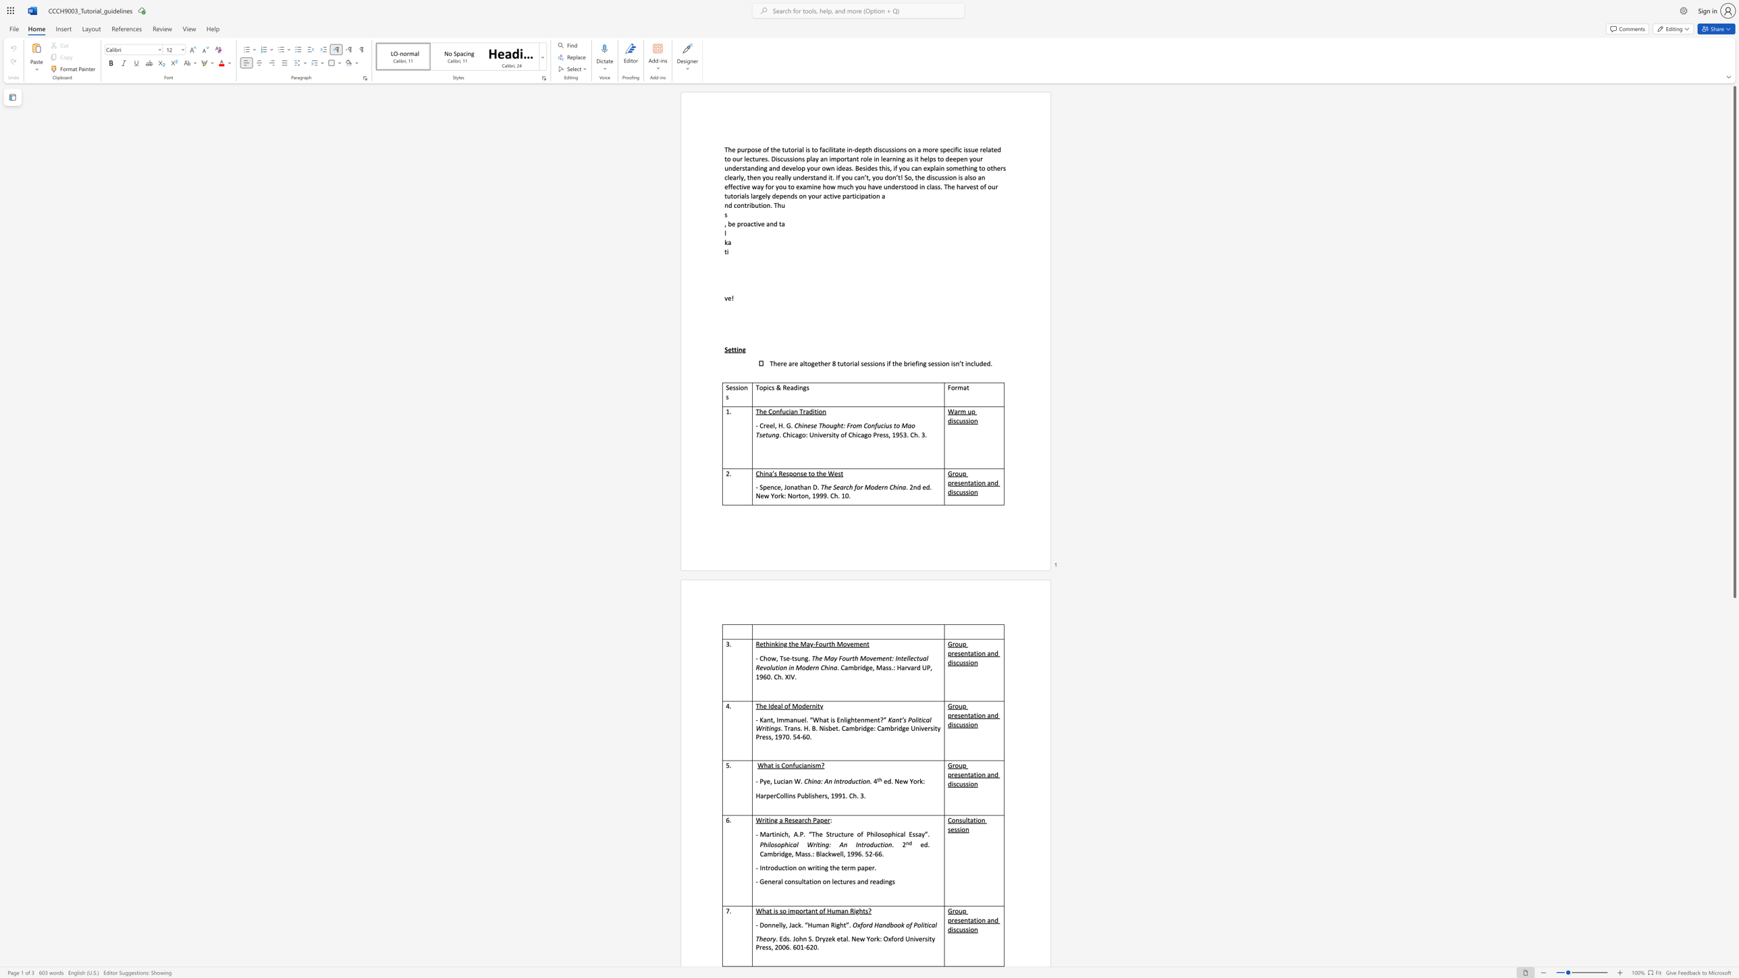 The height and width of the screenshot is (978, 1739). What do you see at coordinates (1734, 646) in the screenshot?
I see `the scrollbar on the right` at bounding box center [1734, 646].